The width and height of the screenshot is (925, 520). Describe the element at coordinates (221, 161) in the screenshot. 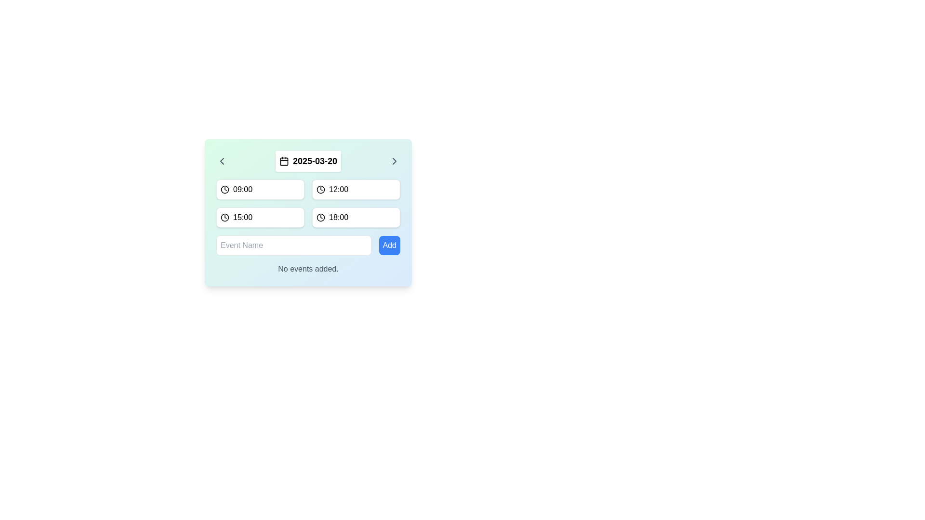

I see `the small, left-pointing chevron icon in the upper-left region of the main interface to trigger a tooltip or visual feedback` at that location.